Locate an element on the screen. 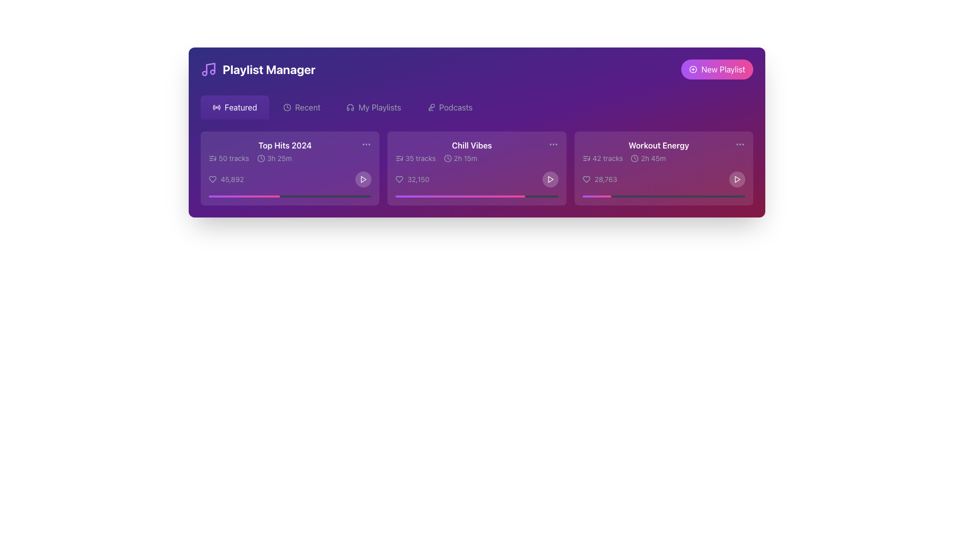  the small microphone icon located to the left of the text 'Podcasts' in the purple header region is located at coordinates (431, 107).